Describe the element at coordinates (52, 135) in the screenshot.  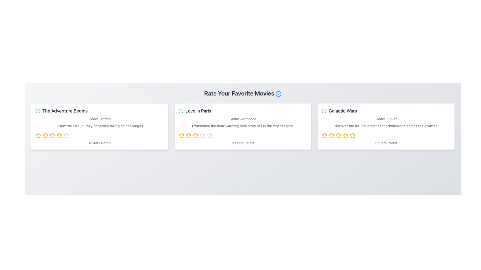
I see `the second star icon from the left in the horizontal group of star icons at the bottom of the card titled 'The Adventure Begins'` at that location.